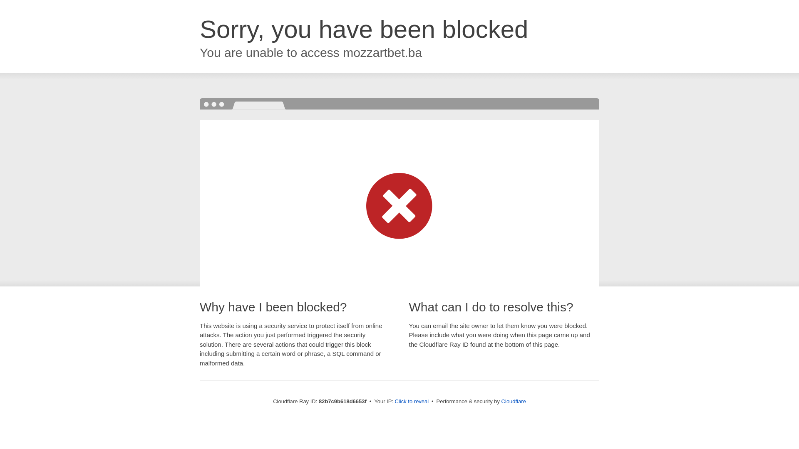 This screenshot has height=449, width=799. Describe the element at coordinates (513, 401) in the screenshot. I see `'Cloudflare'` at that location.